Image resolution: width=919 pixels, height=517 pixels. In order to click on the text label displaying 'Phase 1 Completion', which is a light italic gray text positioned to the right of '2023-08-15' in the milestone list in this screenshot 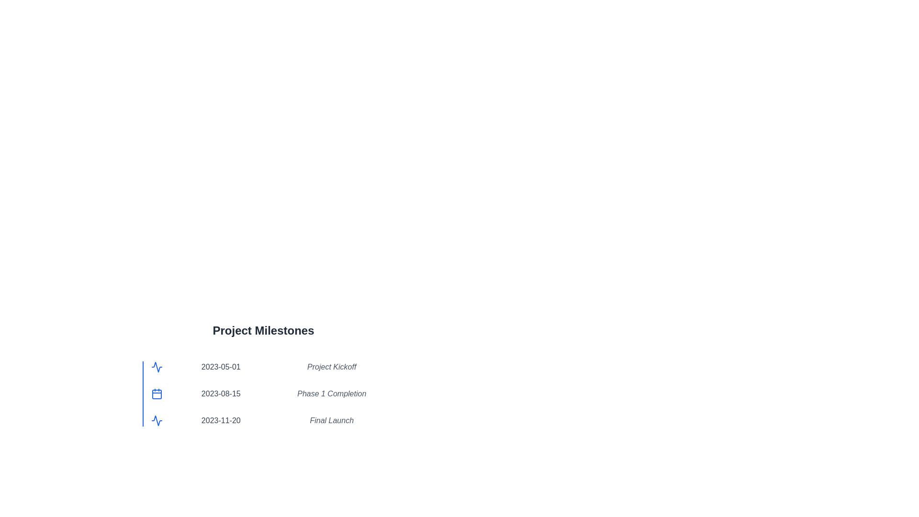, I will do `click(332, 393)`.